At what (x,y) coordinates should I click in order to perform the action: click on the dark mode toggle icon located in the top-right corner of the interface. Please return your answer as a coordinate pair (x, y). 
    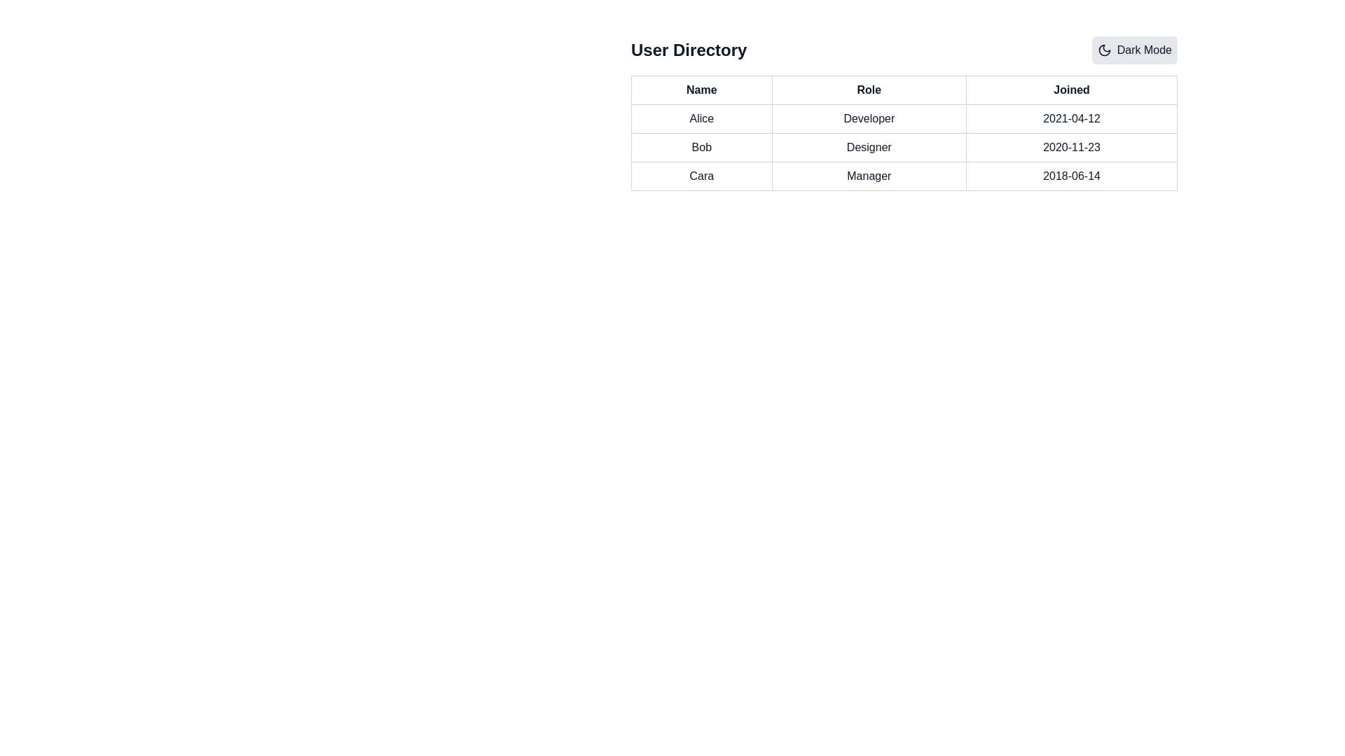
    Looking at the image, I should click on (1103, 50).